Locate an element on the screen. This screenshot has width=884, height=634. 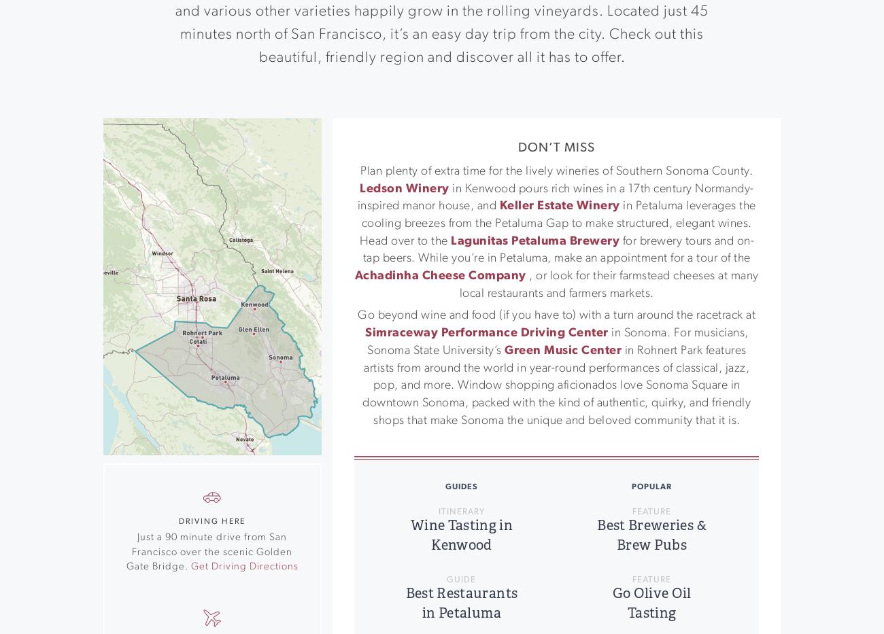
'Top Rohnert Park Hotels' is located at coordinates (709, 410).